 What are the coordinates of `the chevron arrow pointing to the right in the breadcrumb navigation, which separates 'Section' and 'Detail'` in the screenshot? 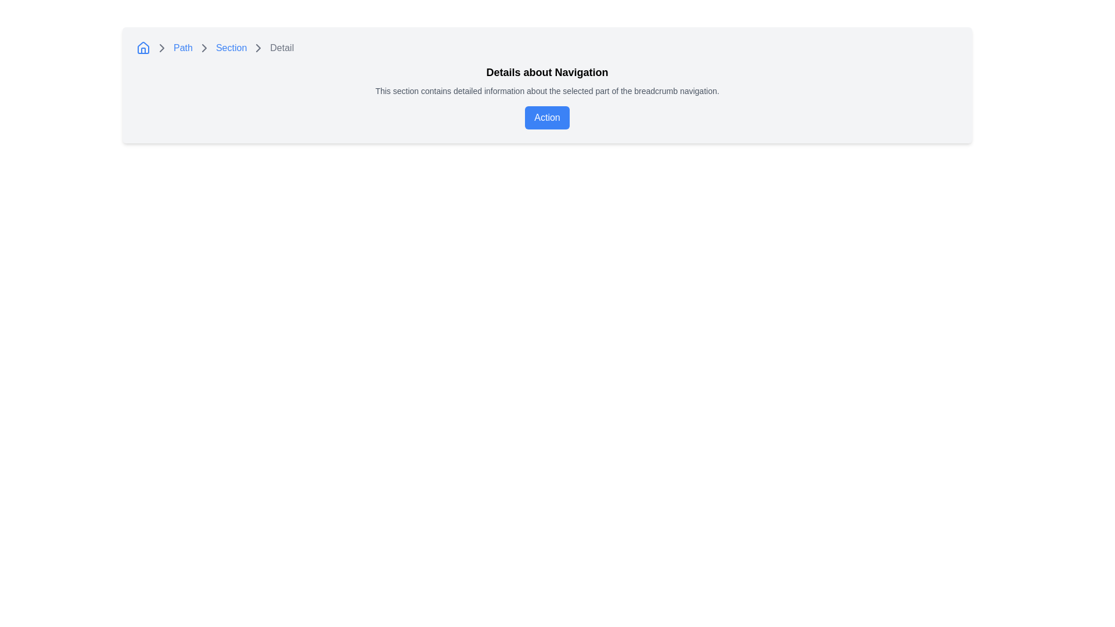 It's located at (258, 48).